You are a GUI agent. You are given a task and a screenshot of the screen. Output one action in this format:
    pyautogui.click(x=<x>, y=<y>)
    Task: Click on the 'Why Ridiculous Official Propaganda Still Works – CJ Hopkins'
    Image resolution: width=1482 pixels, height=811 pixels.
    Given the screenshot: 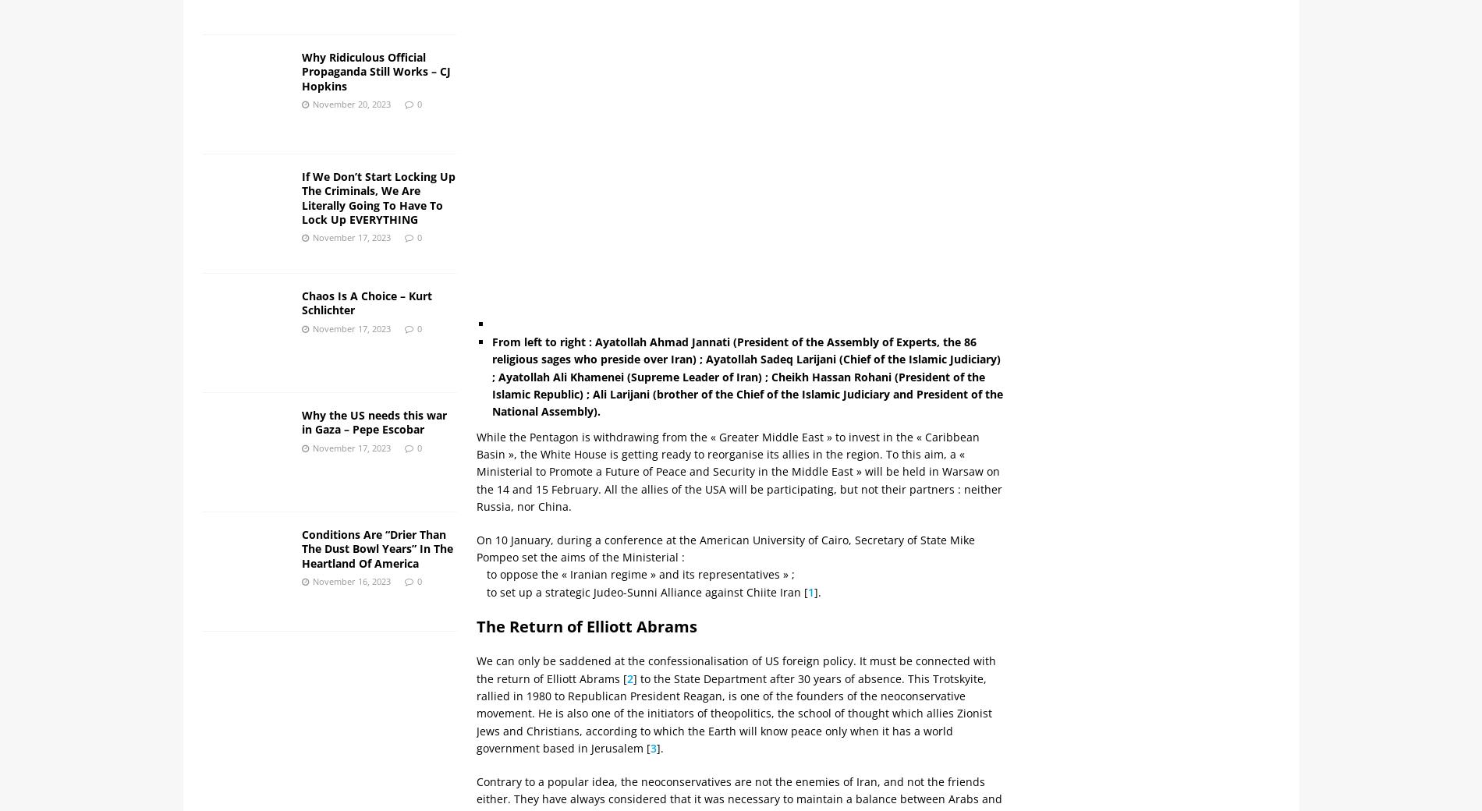 What is the action you would take?
    pyautogui.click(x=375, y=70)
    